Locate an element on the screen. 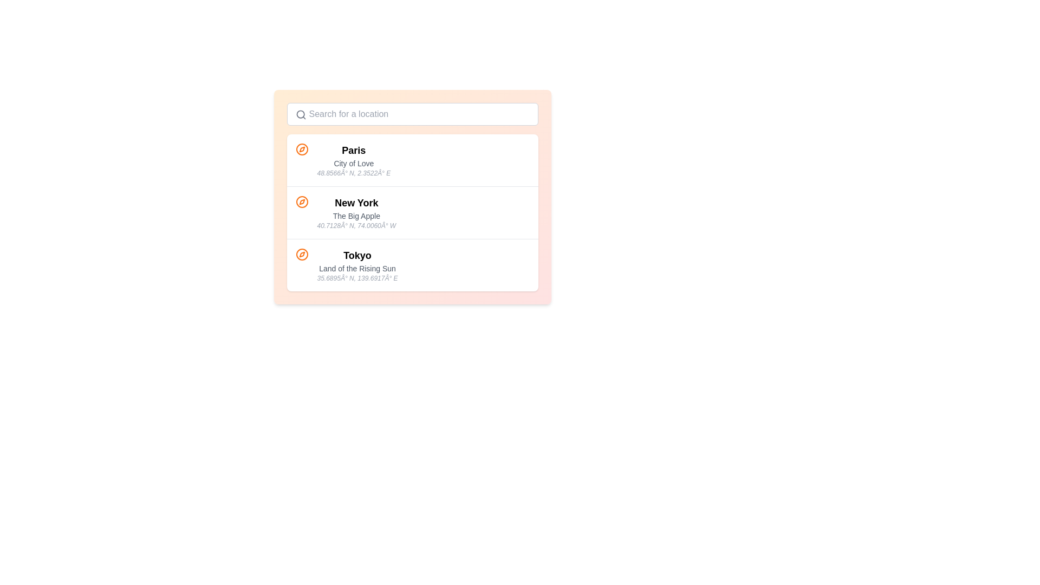 This screenshot has height=585, width=1040. the Informational card displaying details about the city 'New York', which is the second item in a vertical list of cards is located at coordinates (412, 197).